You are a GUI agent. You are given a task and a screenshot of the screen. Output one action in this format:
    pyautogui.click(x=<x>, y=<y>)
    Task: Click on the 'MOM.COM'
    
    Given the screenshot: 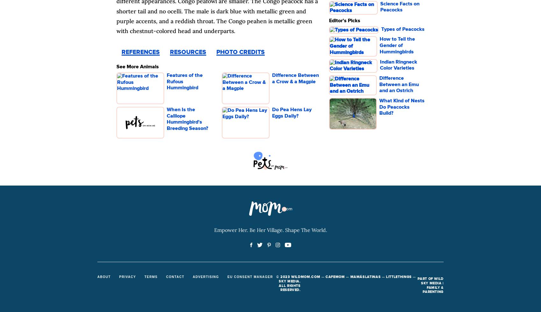 What is the action you would take?
    pyautogui.click(x=310, y=276)
    